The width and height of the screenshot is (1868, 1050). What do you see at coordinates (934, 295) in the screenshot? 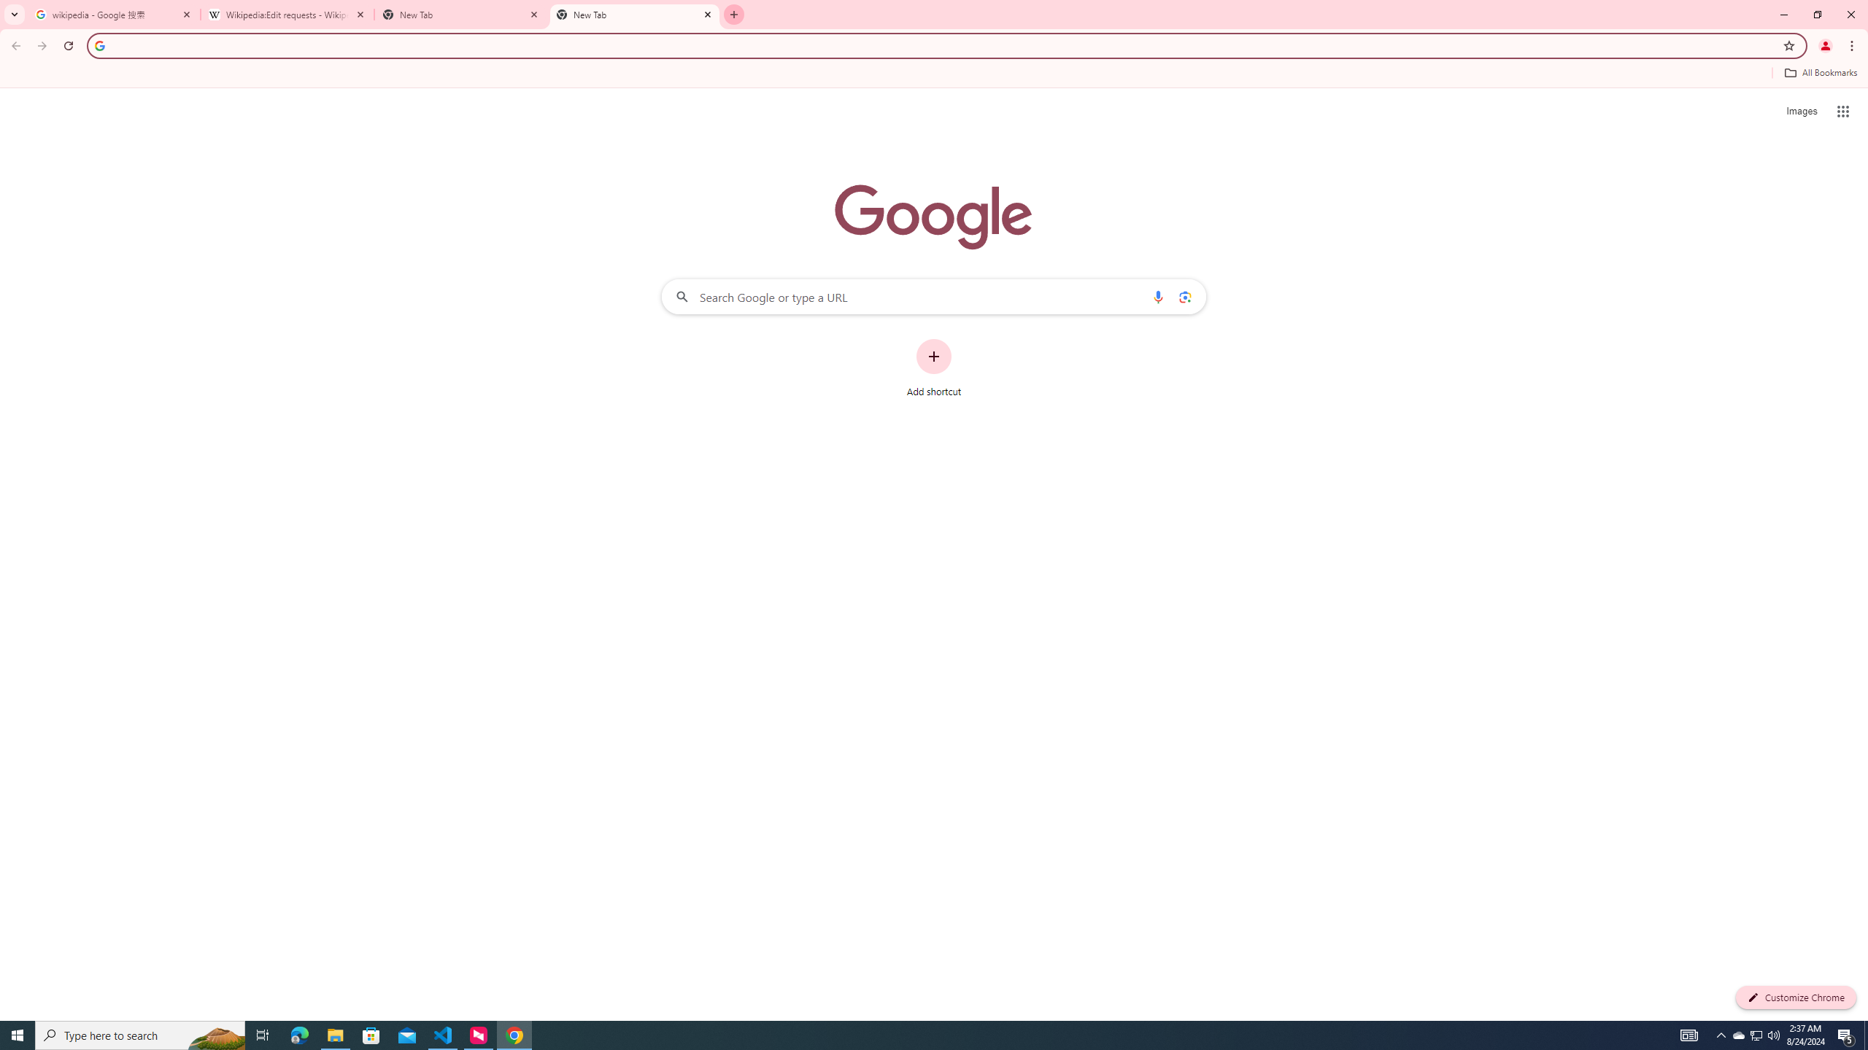
I see `'Search Google or type a URL'` at bounding box center [934, 295].